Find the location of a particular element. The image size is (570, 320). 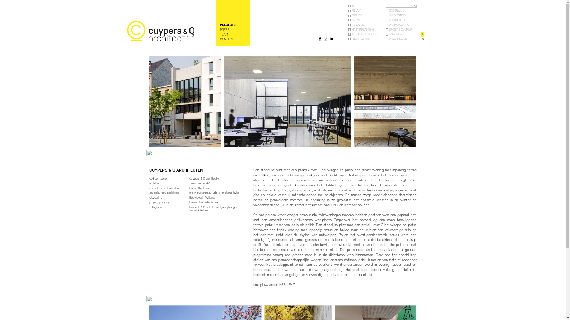

'PROJECTS' is located at coordinates (219, 25).